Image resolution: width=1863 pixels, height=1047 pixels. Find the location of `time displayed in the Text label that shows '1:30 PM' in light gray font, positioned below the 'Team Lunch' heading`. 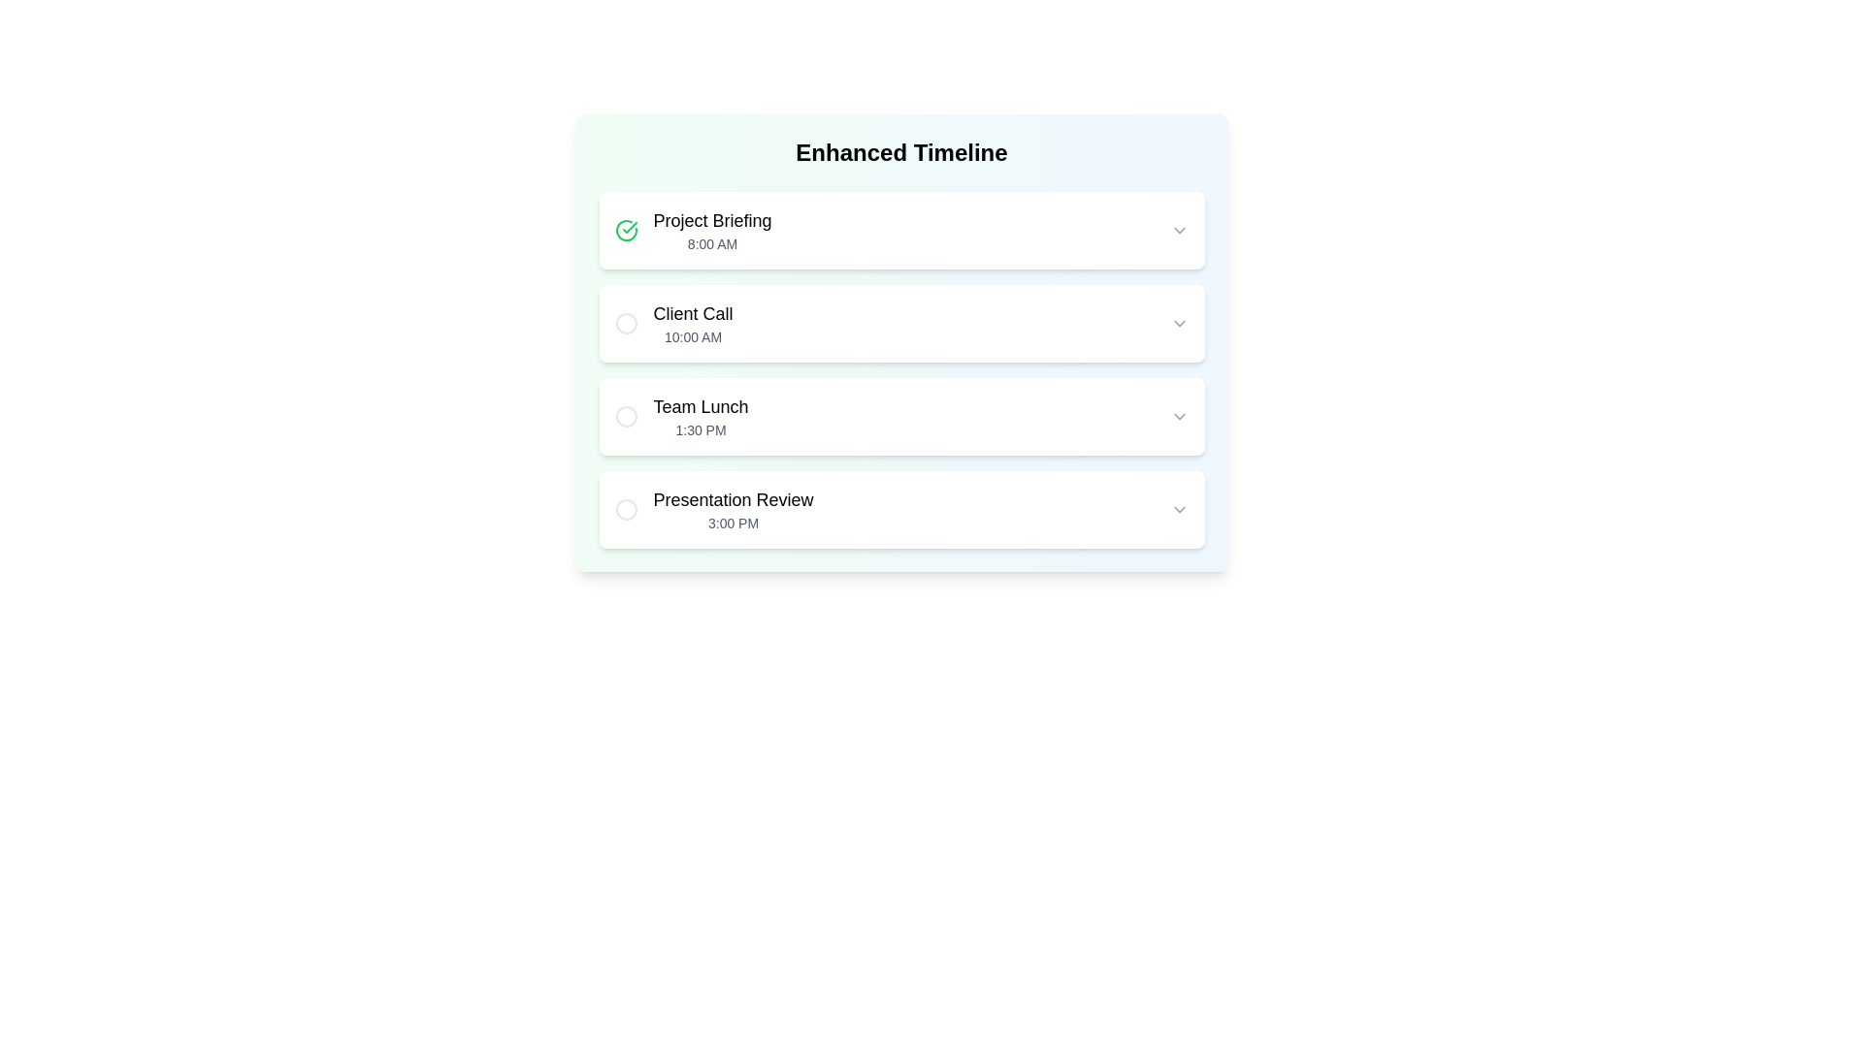

time displayed in the Text label that shows '1:30 PM' in light gray font, positioned below the 'Team Lunch' heading is located at coordinates (700, 428).